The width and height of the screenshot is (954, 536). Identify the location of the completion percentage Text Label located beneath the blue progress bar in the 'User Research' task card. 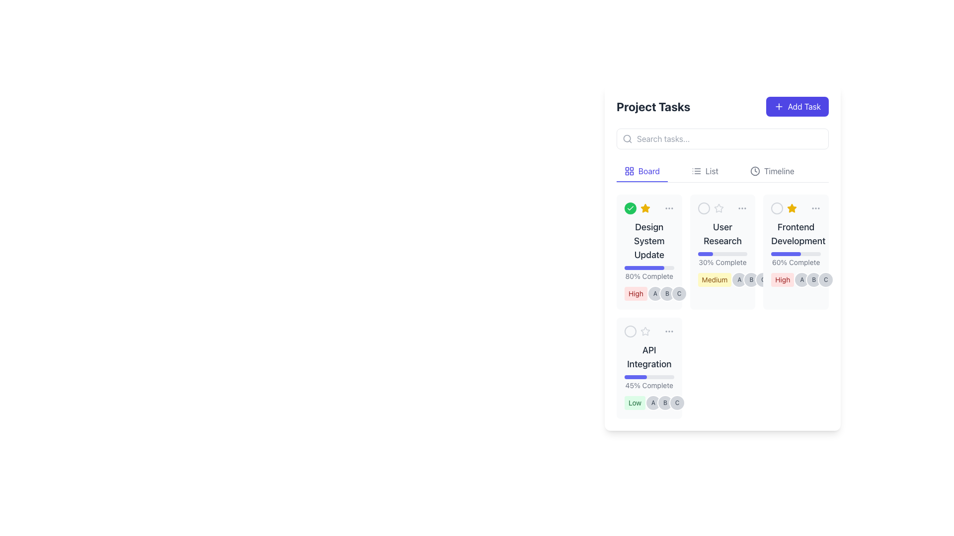
(722, 262).